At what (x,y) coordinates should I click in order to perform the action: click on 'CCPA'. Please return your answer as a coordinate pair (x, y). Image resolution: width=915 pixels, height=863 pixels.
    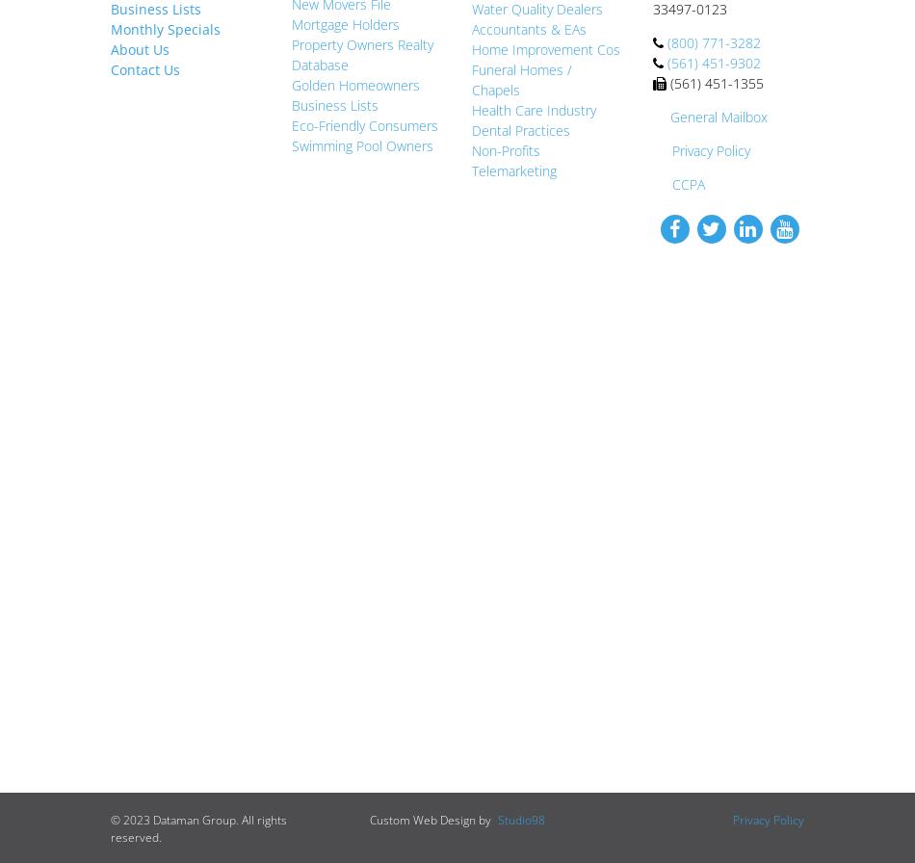
    Looking at the image, I should click on (678, 184).